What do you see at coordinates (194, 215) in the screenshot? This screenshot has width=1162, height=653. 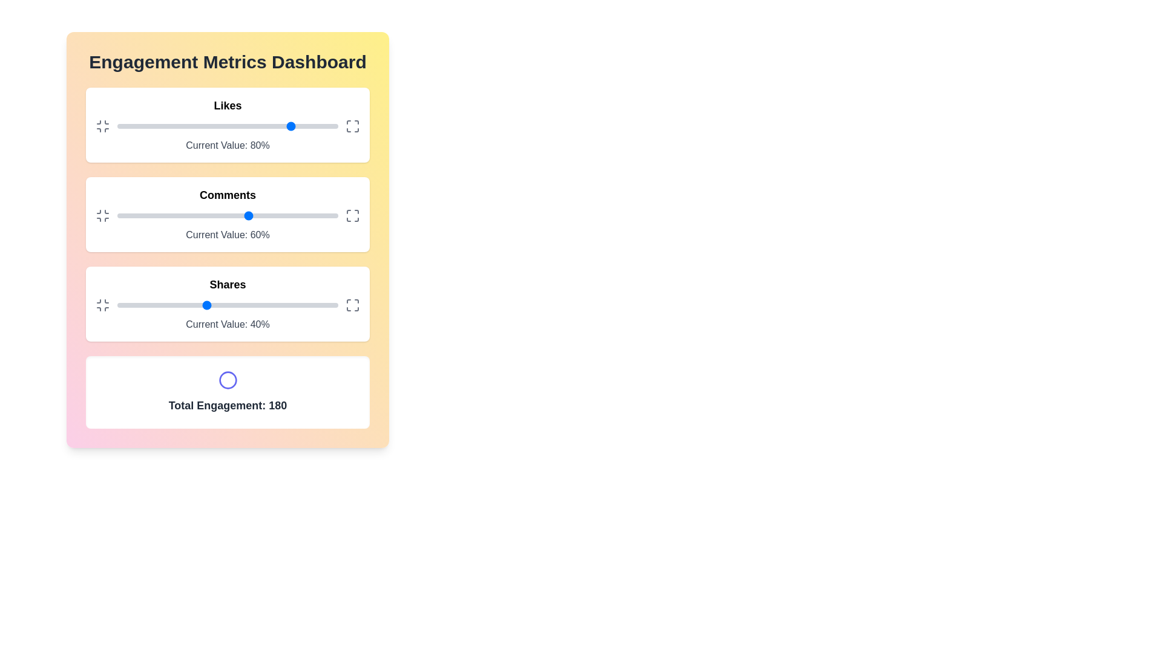 I see `comments` at bounding box center [194, 215].